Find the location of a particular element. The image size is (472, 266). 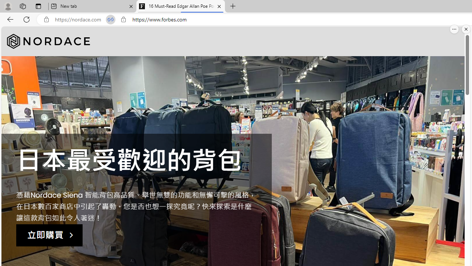

'Close split screen.' is located at coordinates (466, 29).